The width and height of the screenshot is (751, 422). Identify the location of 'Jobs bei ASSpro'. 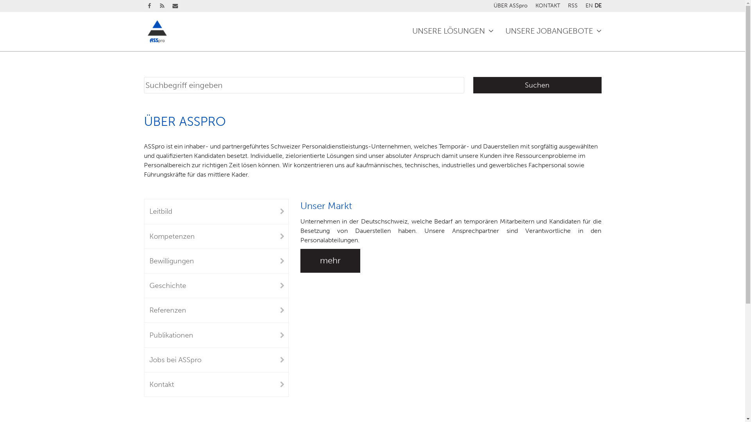
(216, 360).